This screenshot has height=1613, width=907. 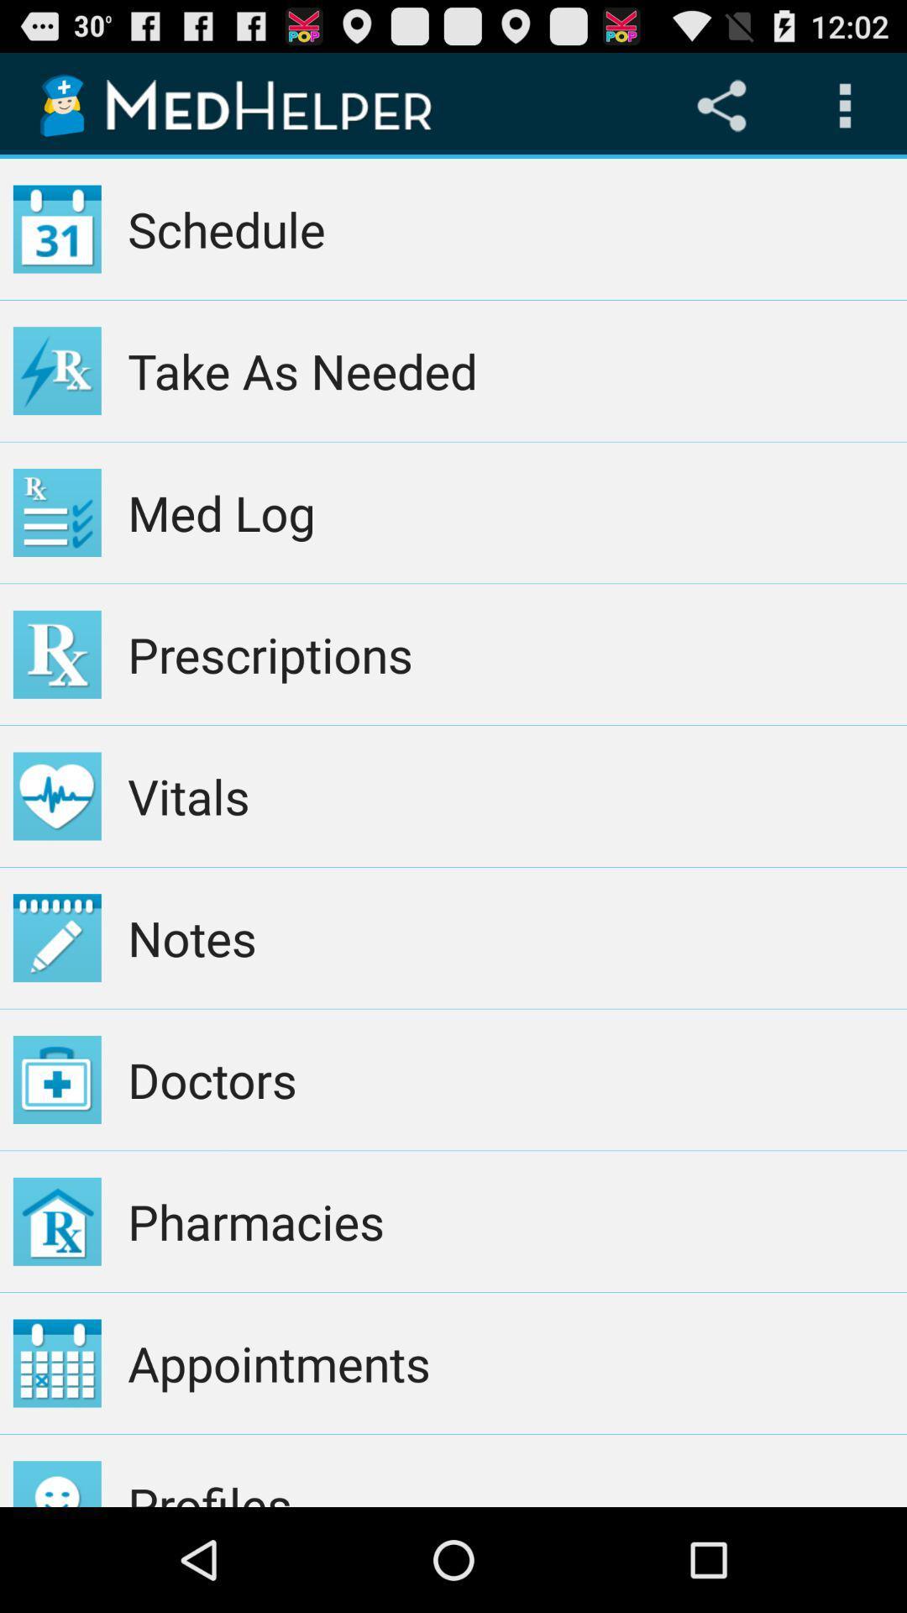 What do you see at coordinates (510, 1469) in the screenshot?
I see `the profiles` at bounding box center [510, 1469].